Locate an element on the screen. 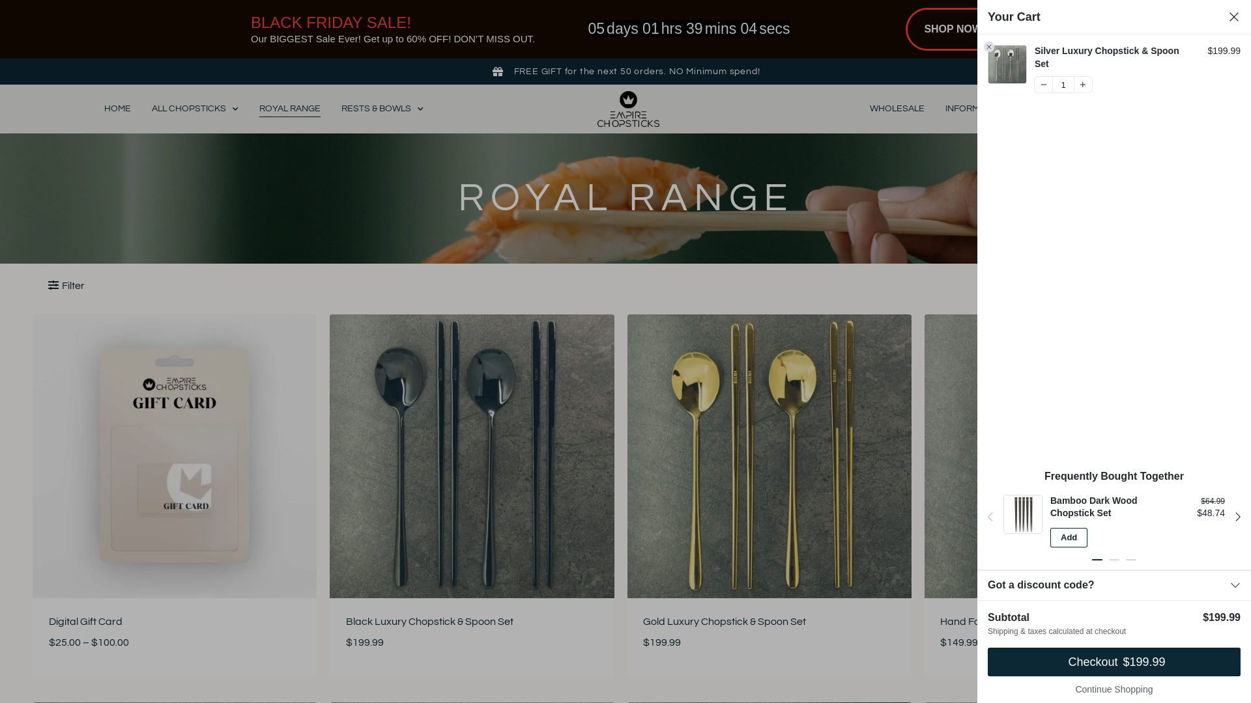 This screenshot has height=703, width=1251. 'Filter' is located at coordinates (65, 285).